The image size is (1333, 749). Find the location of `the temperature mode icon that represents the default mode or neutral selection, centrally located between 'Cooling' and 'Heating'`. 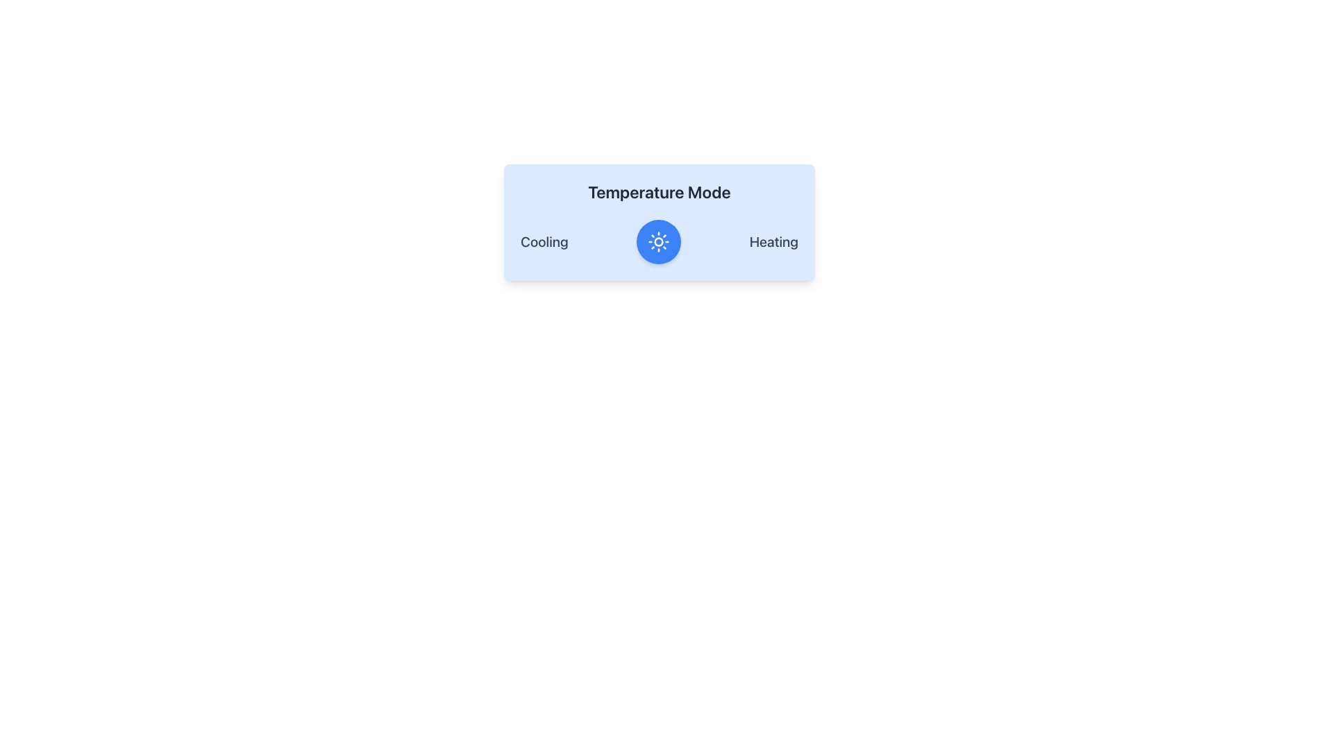

the temperature mode icon that represents the default mode or neutral selection, centrally located between 'Cooling' and 'Heating' is located at coordinates (658, 241).